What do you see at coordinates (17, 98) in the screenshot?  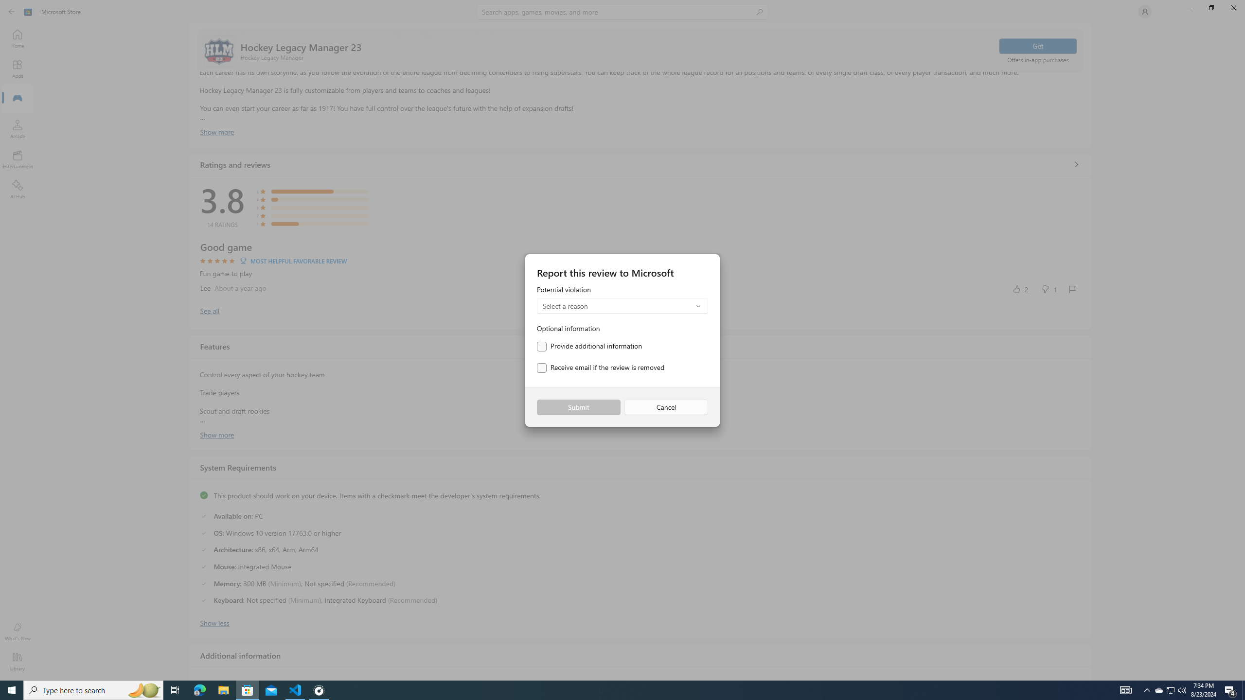 I see `'Gaming'` at bounding box center [17, 98].